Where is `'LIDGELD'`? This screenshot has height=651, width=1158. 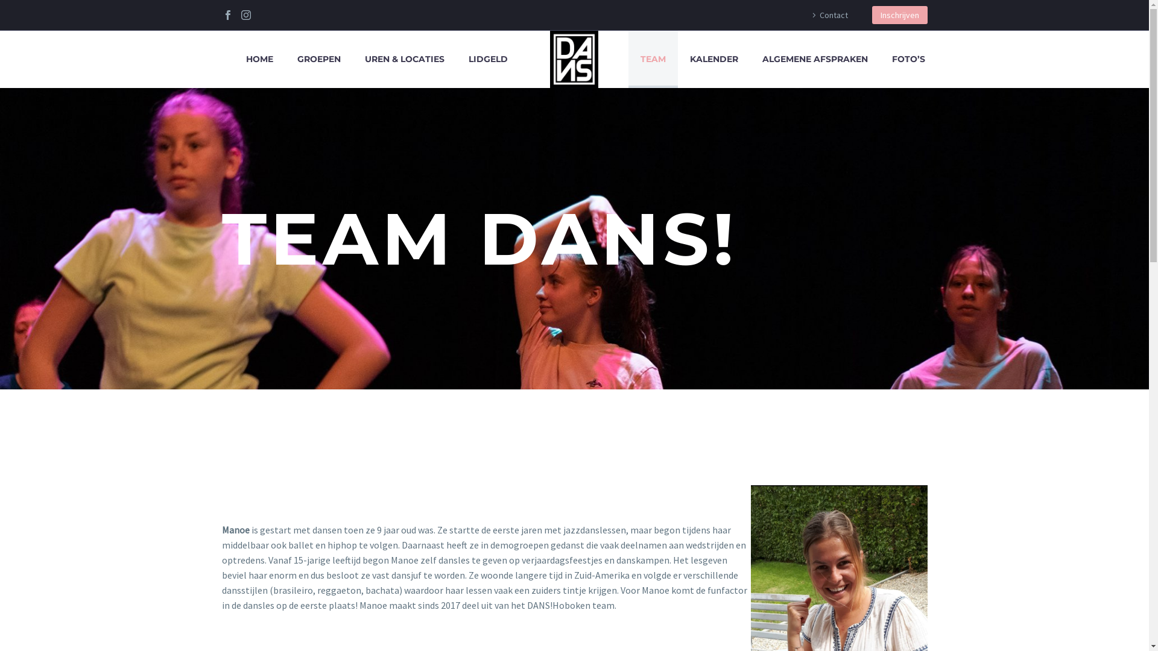 'LIDGELD' is located at coordinates (488, 59).